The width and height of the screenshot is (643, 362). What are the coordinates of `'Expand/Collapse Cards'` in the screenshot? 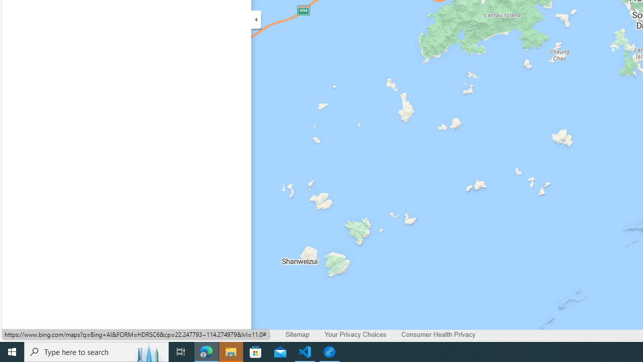 It's located at (256, 19).